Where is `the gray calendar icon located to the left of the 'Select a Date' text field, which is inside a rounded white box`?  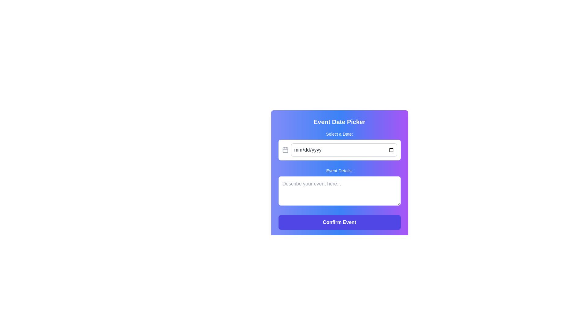 the gray calendar icon located to the left of the 'Select a Date' text field, which is inside a rounded white box is located at coordinates (285, 150).